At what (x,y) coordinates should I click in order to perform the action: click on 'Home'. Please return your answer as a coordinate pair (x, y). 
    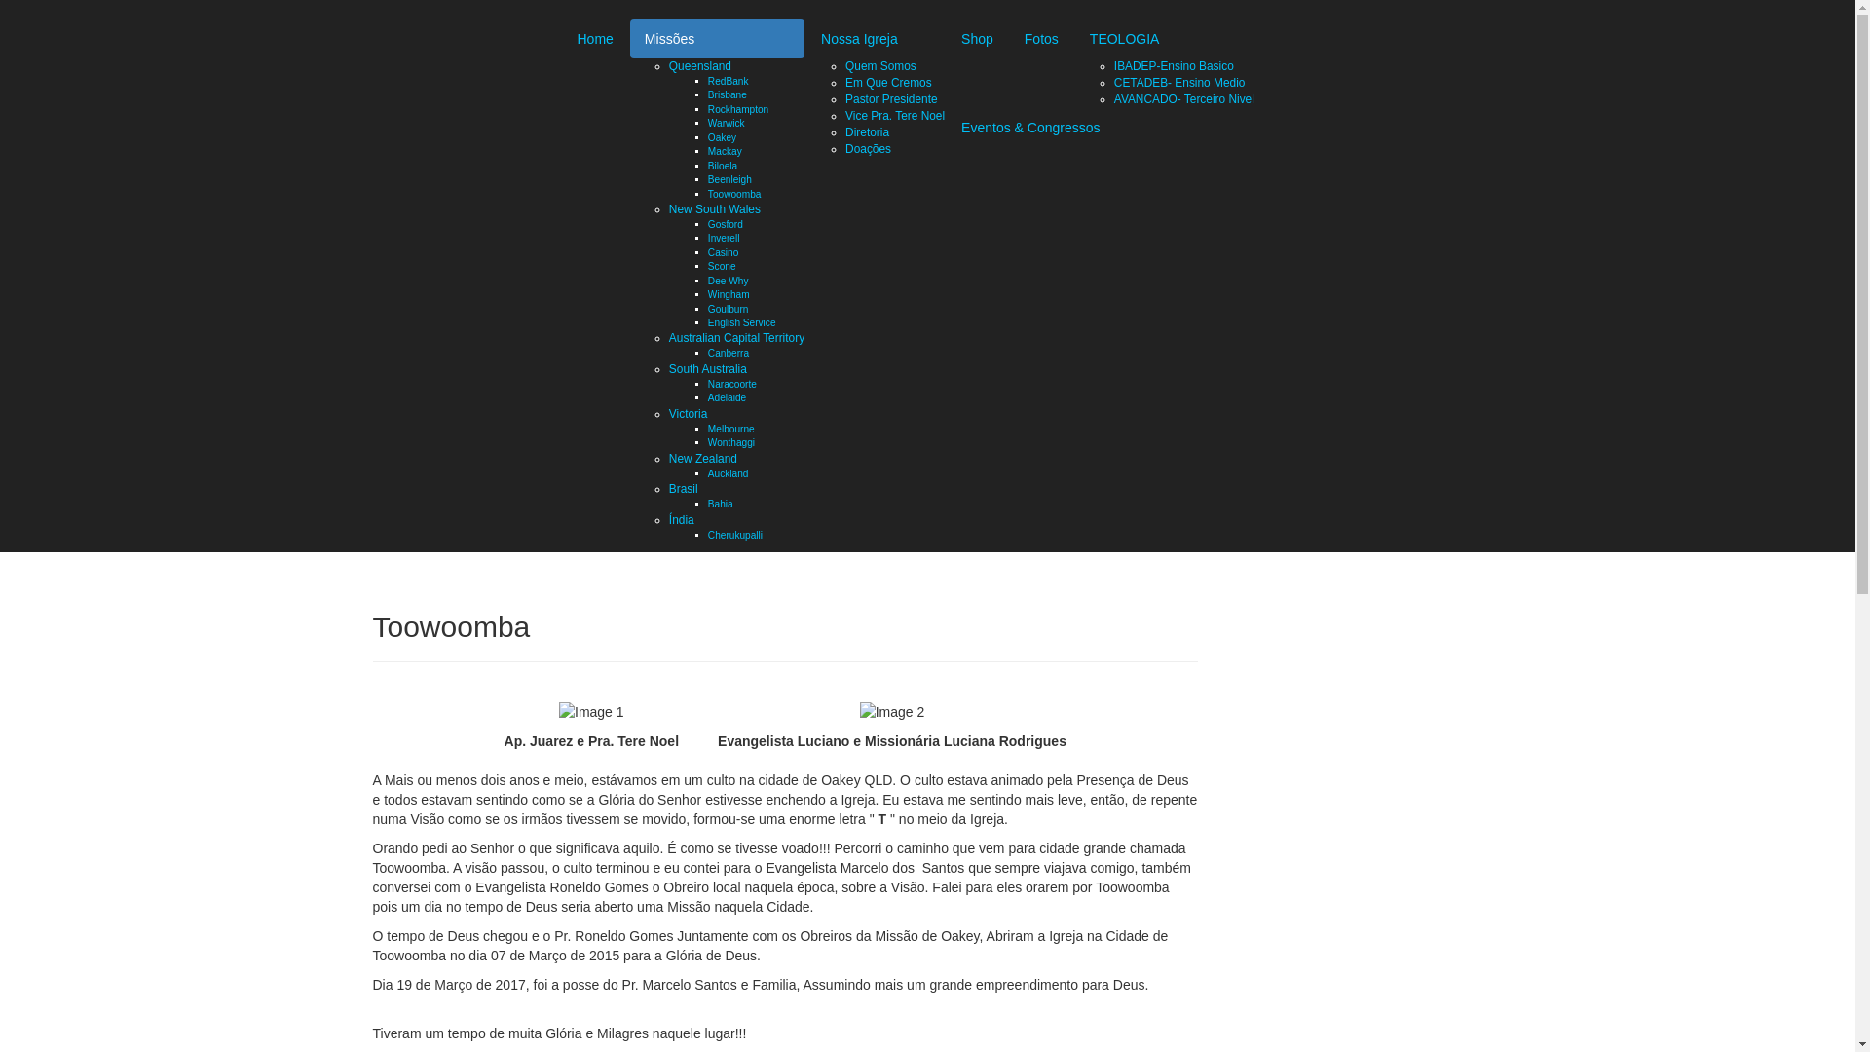
    Looking at the image, I should click on (594, 38).